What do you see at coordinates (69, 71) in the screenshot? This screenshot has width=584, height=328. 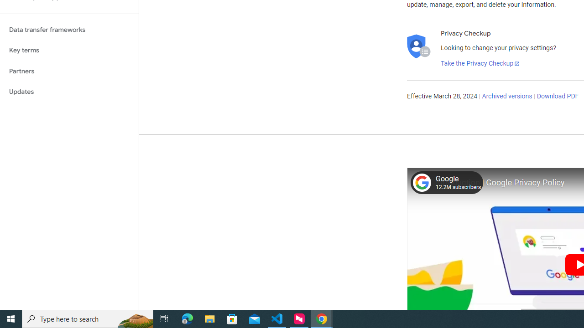 I see `'Partners'` at bounding box center [69, 71].